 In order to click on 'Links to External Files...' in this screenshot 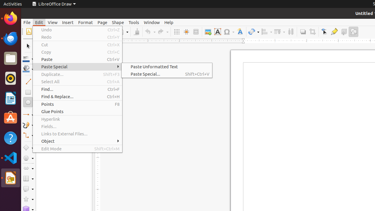, I will do `click(77, 134)`.